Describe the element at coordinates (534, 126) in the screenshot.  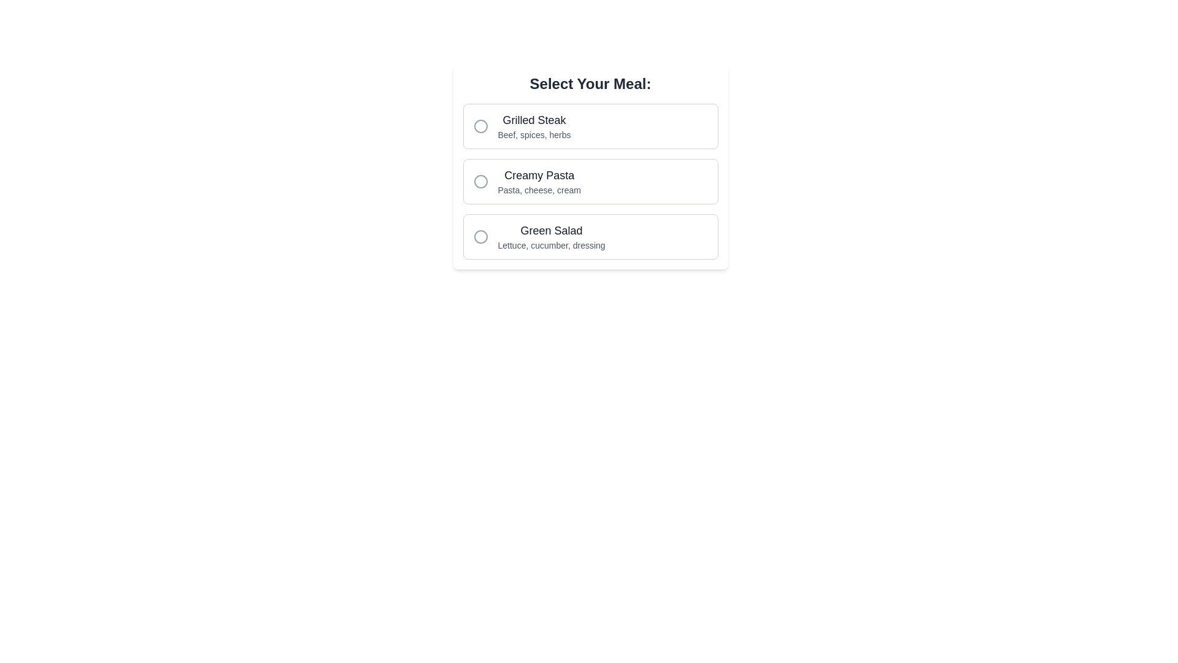
I see `the 'Grilled Steak' text description component, which displays two lines of text: 'Grilled Steak' in bold and 'Beef, spices, herbs' in smaller font, positioned within a selectable list of meal options as the first item` at that location.